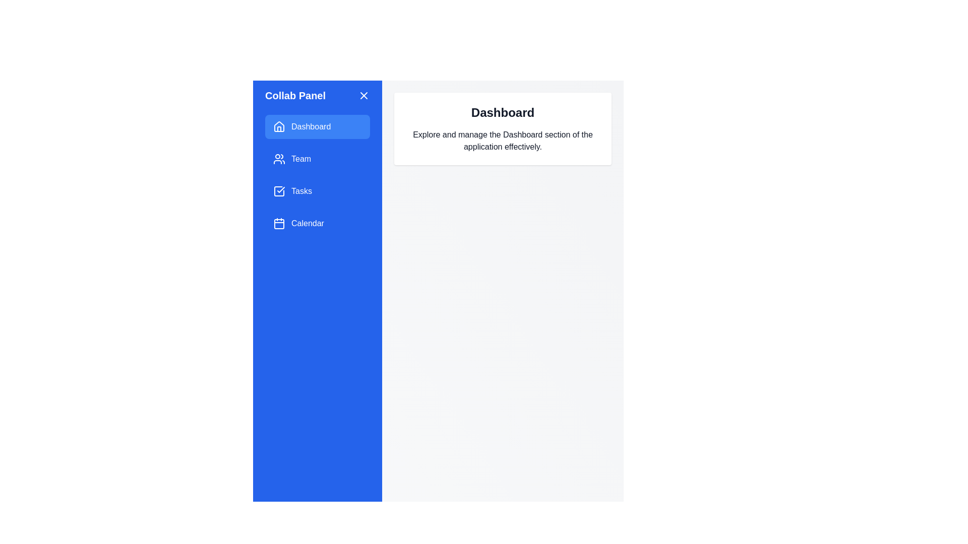 This screenshot has width=968, height=544. I want to click on the close button in the side drawer to toggle its visibility, so click(363, 95).